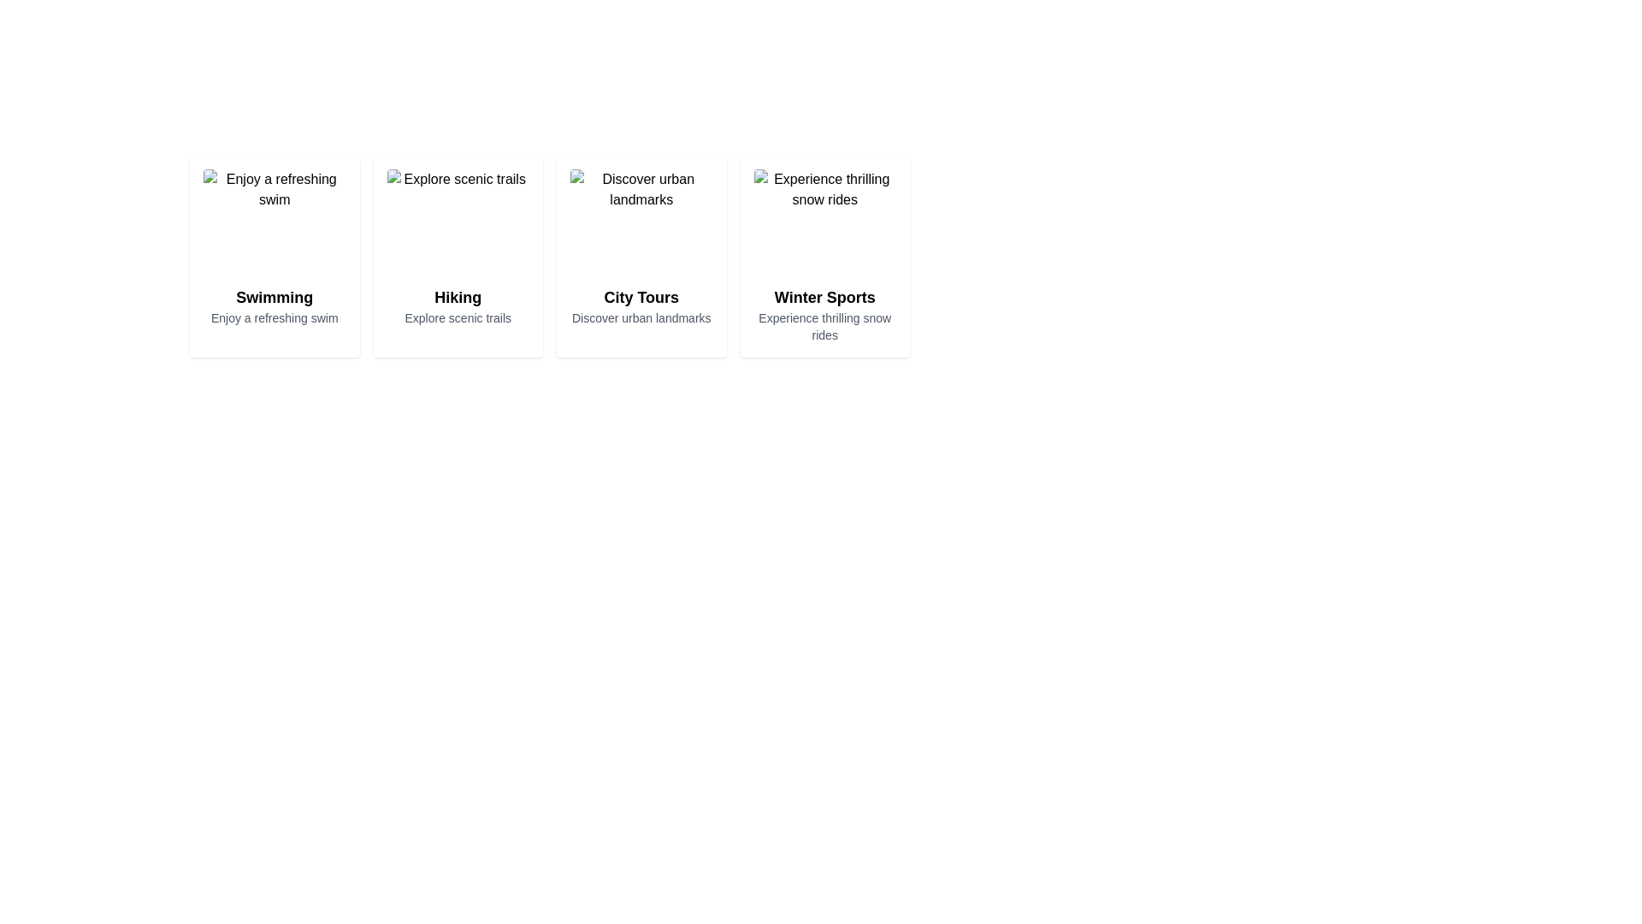 Image resolution: width=1642 pixels, height=924 pixels. Describe the element at coordinates (275, 317) in the screenshot. I see `the text element displaying 'Enjoy a refreshing swim' located beneath the 'Swimming' title to potentially reveal additional UI` at that location.